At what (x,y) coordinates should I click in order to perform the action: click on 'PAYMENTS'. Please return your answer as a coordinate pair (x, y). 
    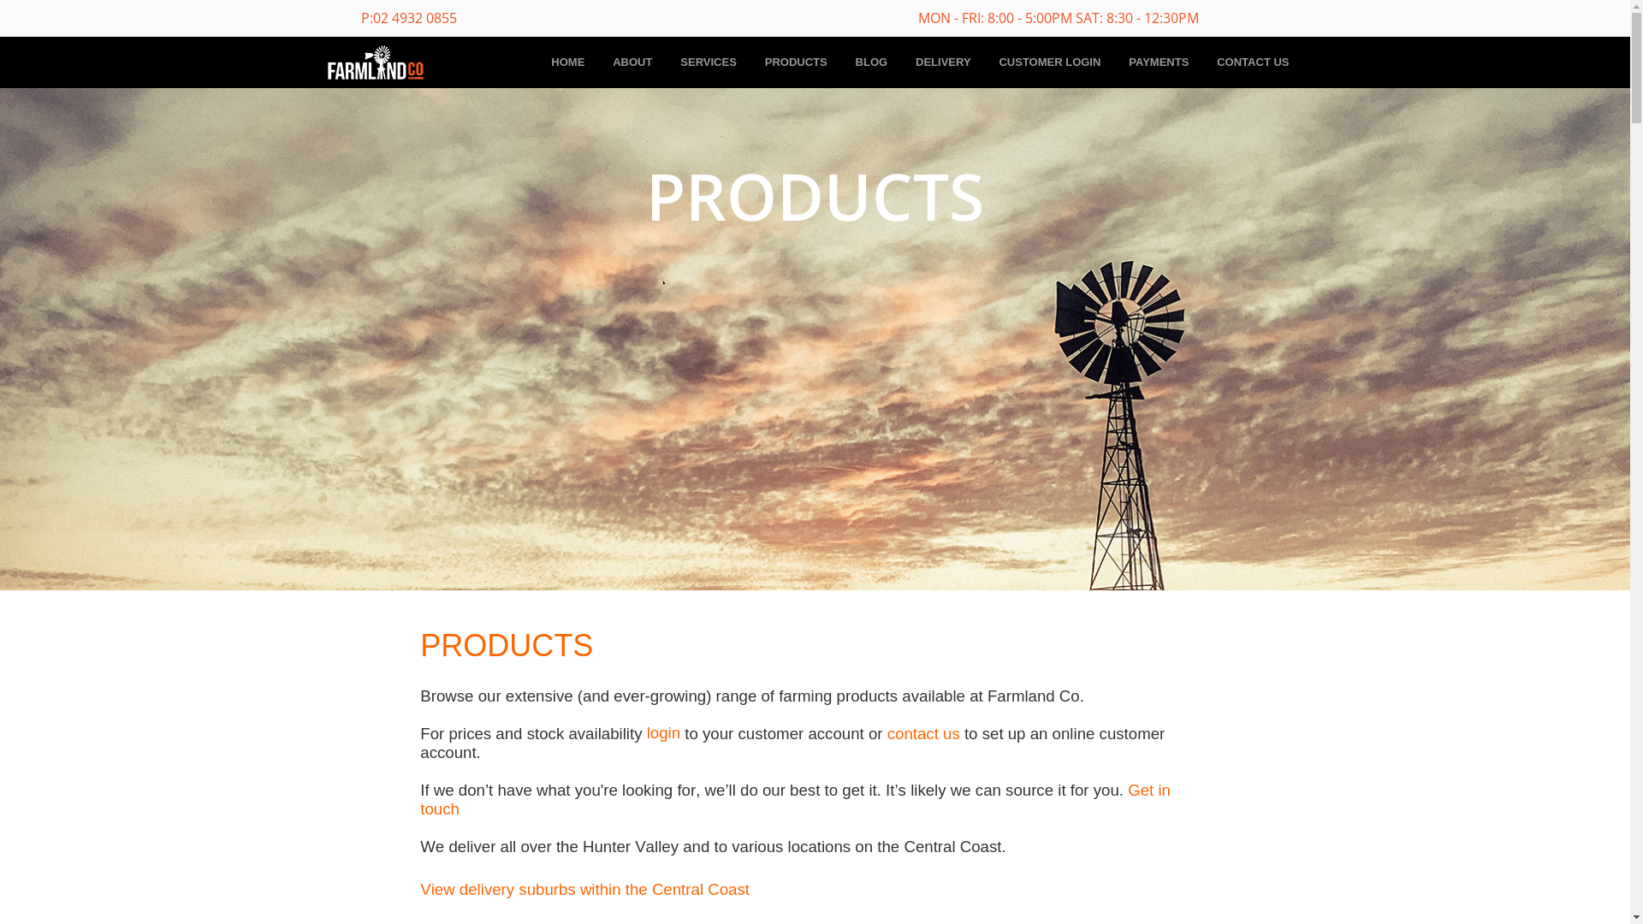
    Looking at the image, I should click on (1158, 62).